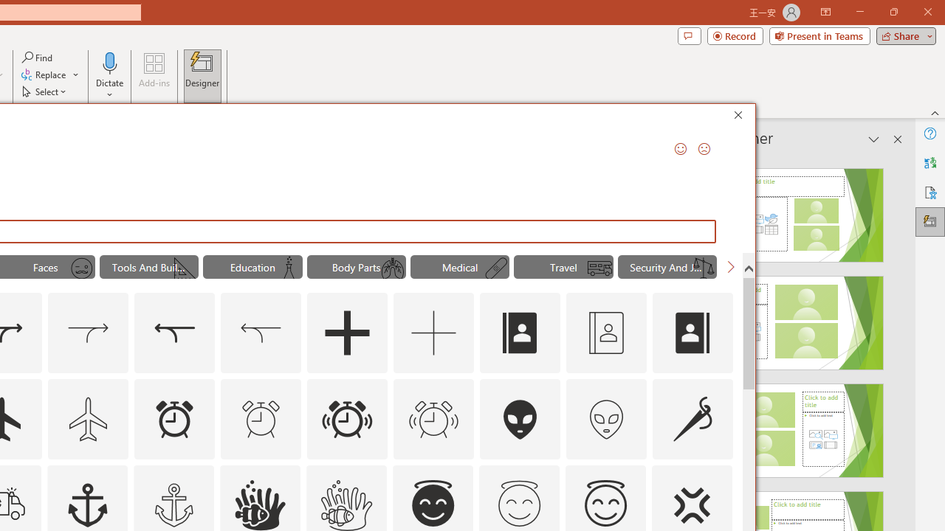 The image size is (945, 531). Describe the element at coordinates (289, 268) in the screenshot. I see `'AutomationID: Icons_Flask_M'` at that location.